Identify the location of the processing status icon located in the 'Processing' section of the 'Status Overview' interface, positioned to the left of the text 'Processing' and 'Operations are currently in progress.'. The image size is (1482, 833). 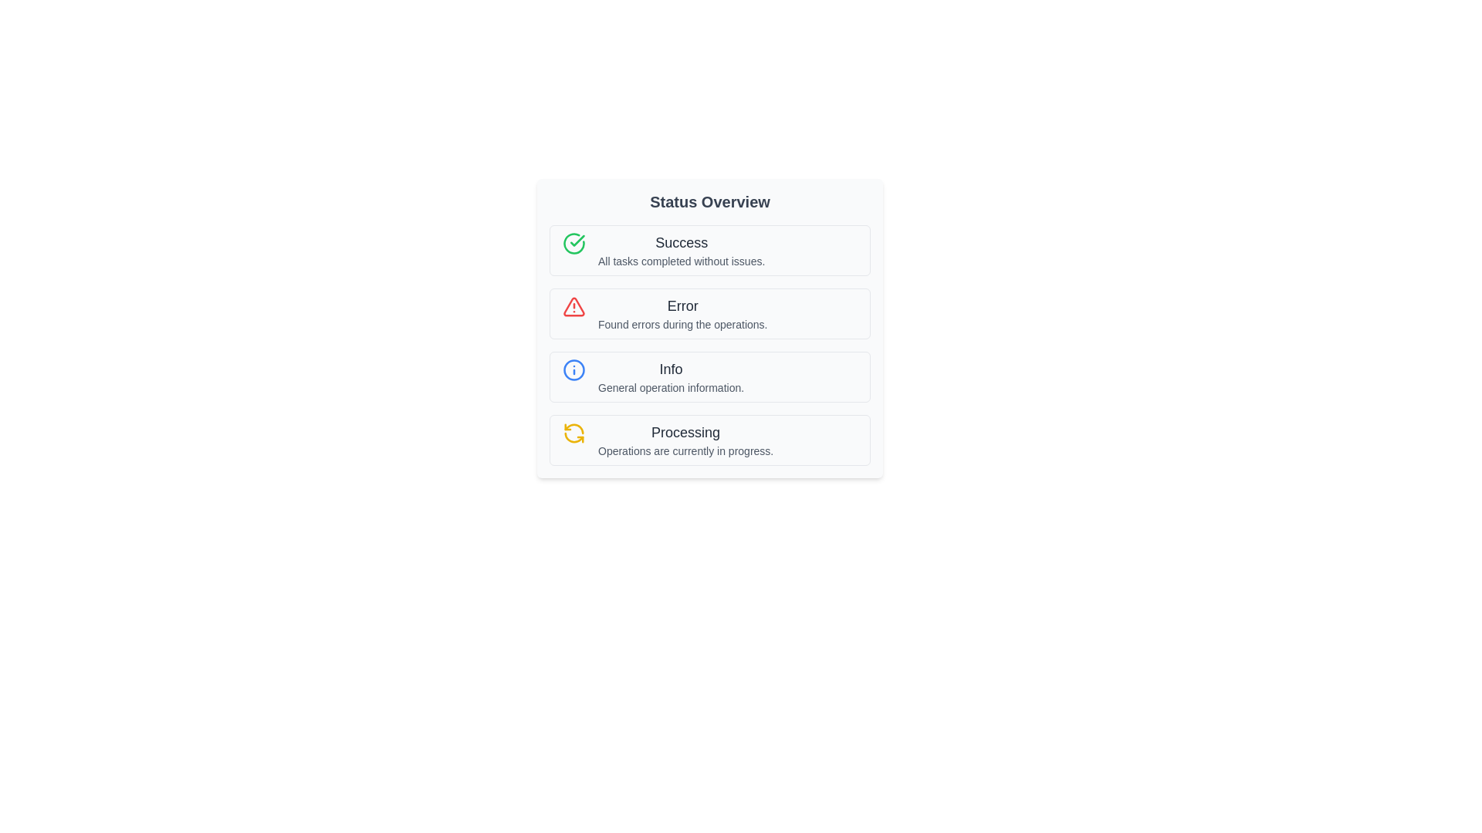
(574, 433).